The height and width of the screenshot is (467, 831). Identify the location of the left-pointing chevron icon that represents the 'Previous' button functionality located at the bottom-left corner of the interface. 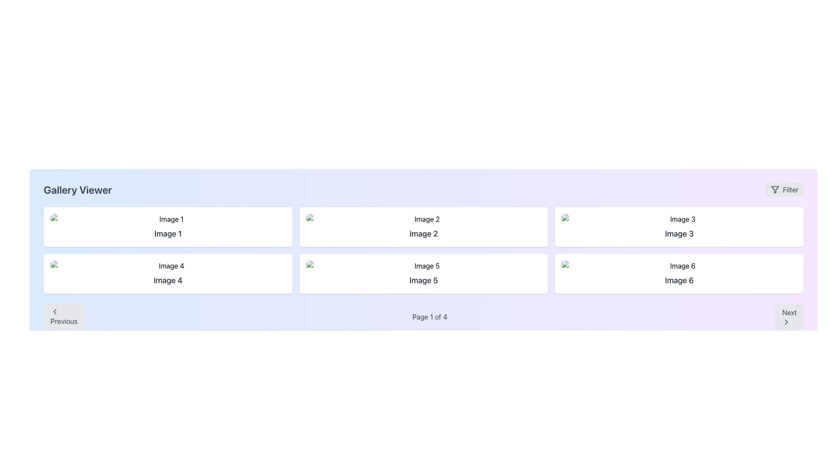
(54, 312).